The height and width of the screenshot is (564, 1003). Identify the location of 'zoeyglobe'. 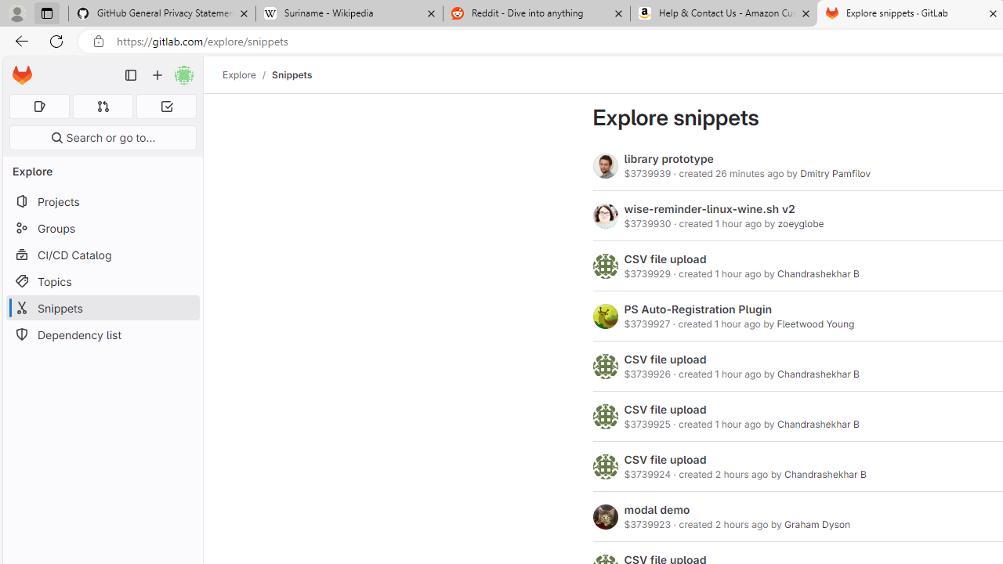
(801, 223).